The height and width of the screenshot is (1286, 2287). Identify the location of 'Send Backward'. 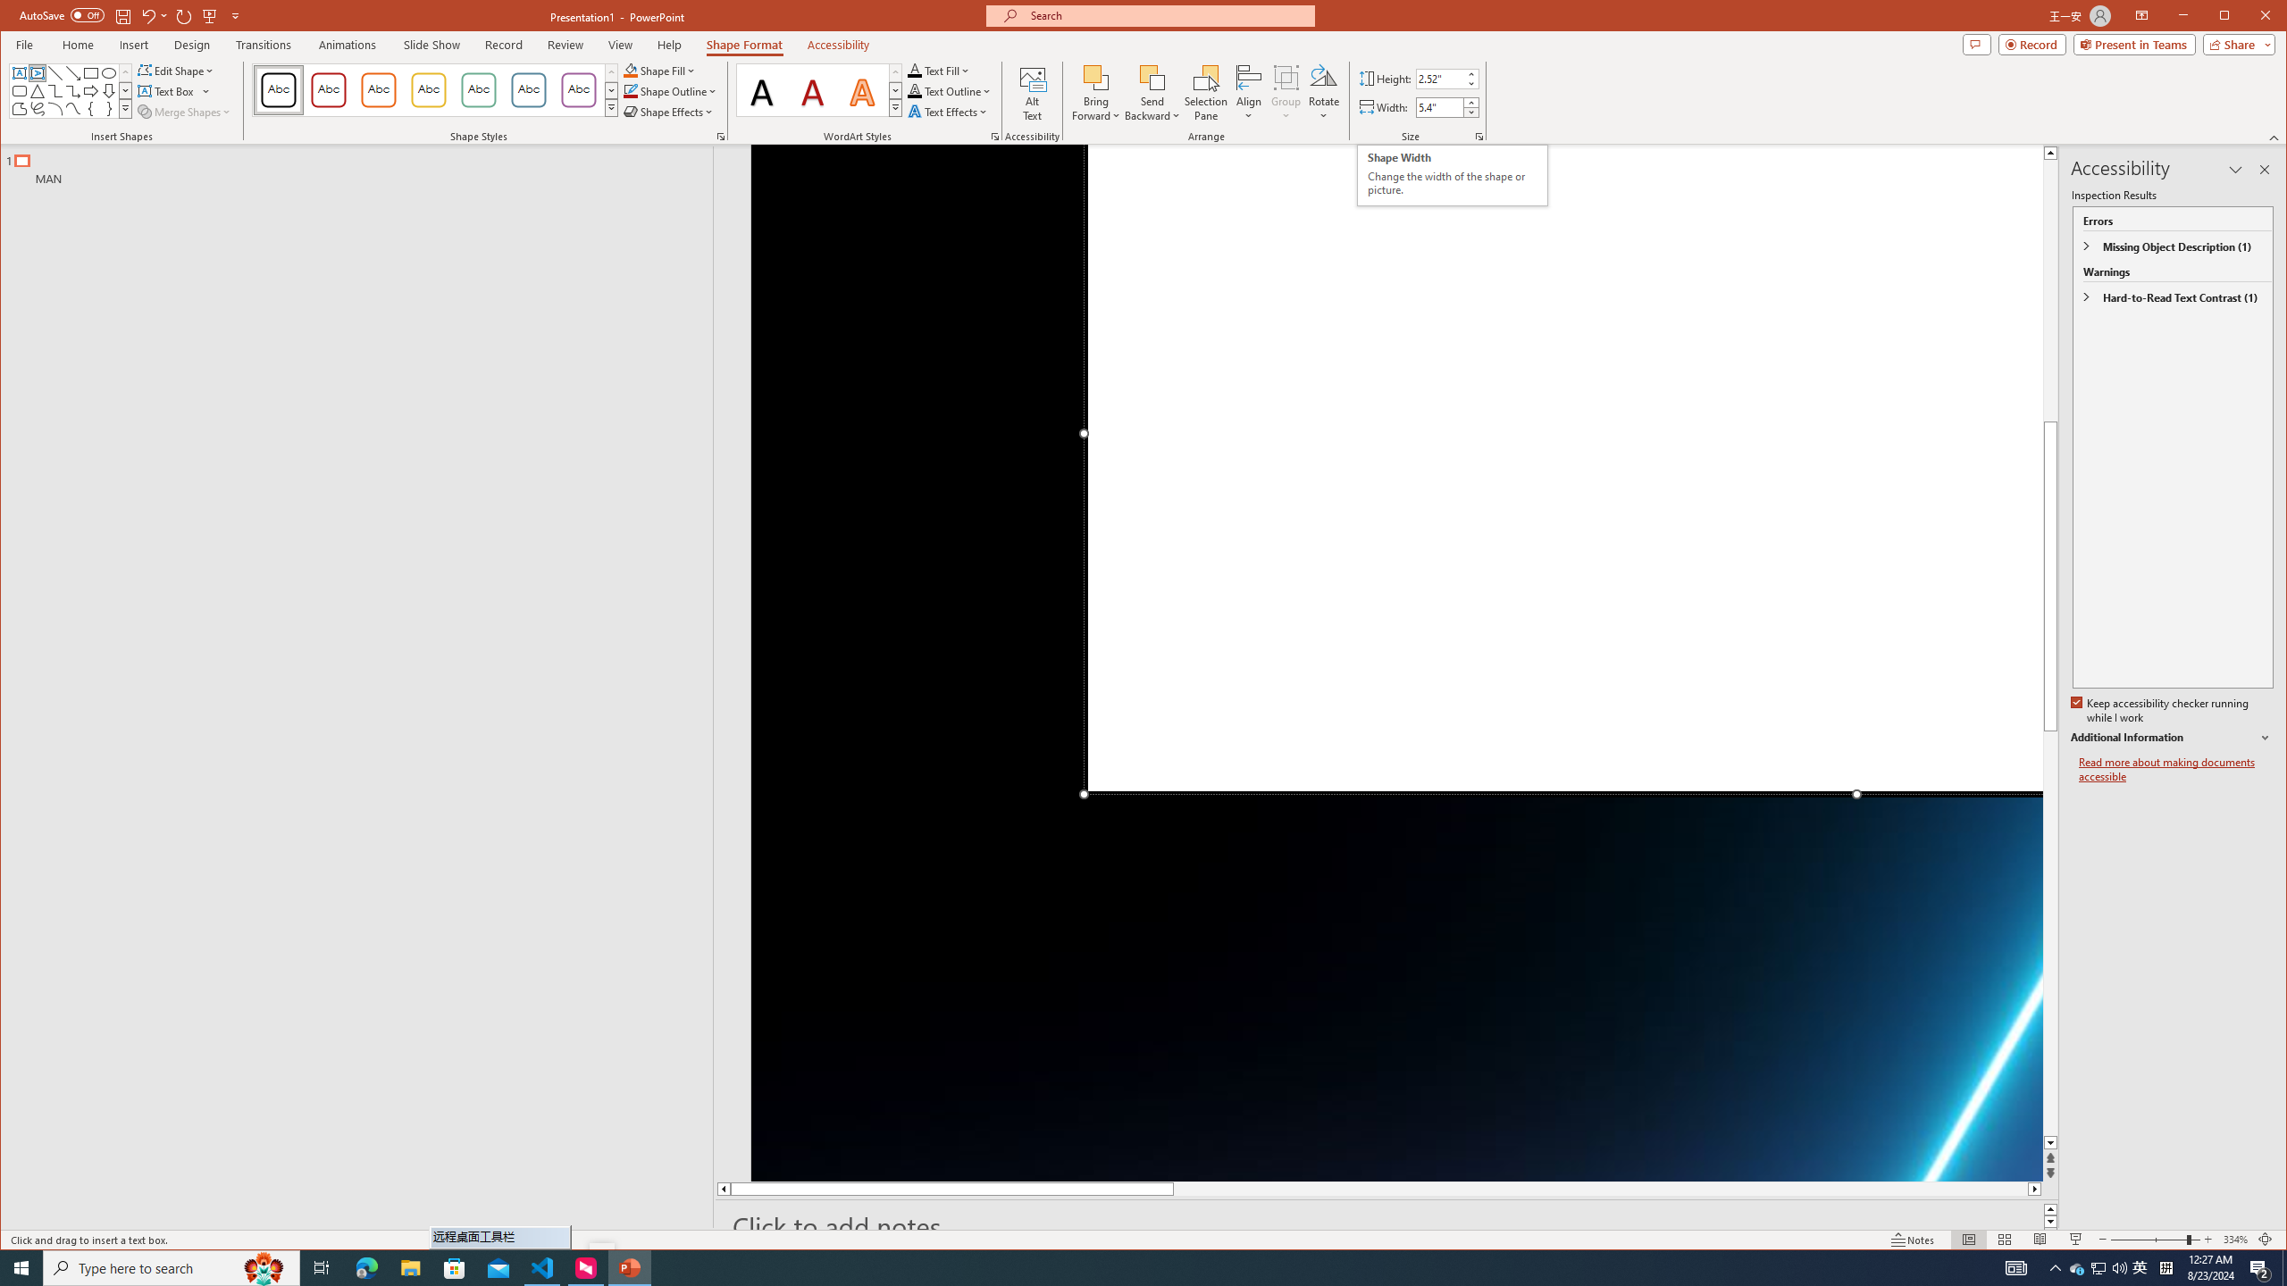
(1152, 76).